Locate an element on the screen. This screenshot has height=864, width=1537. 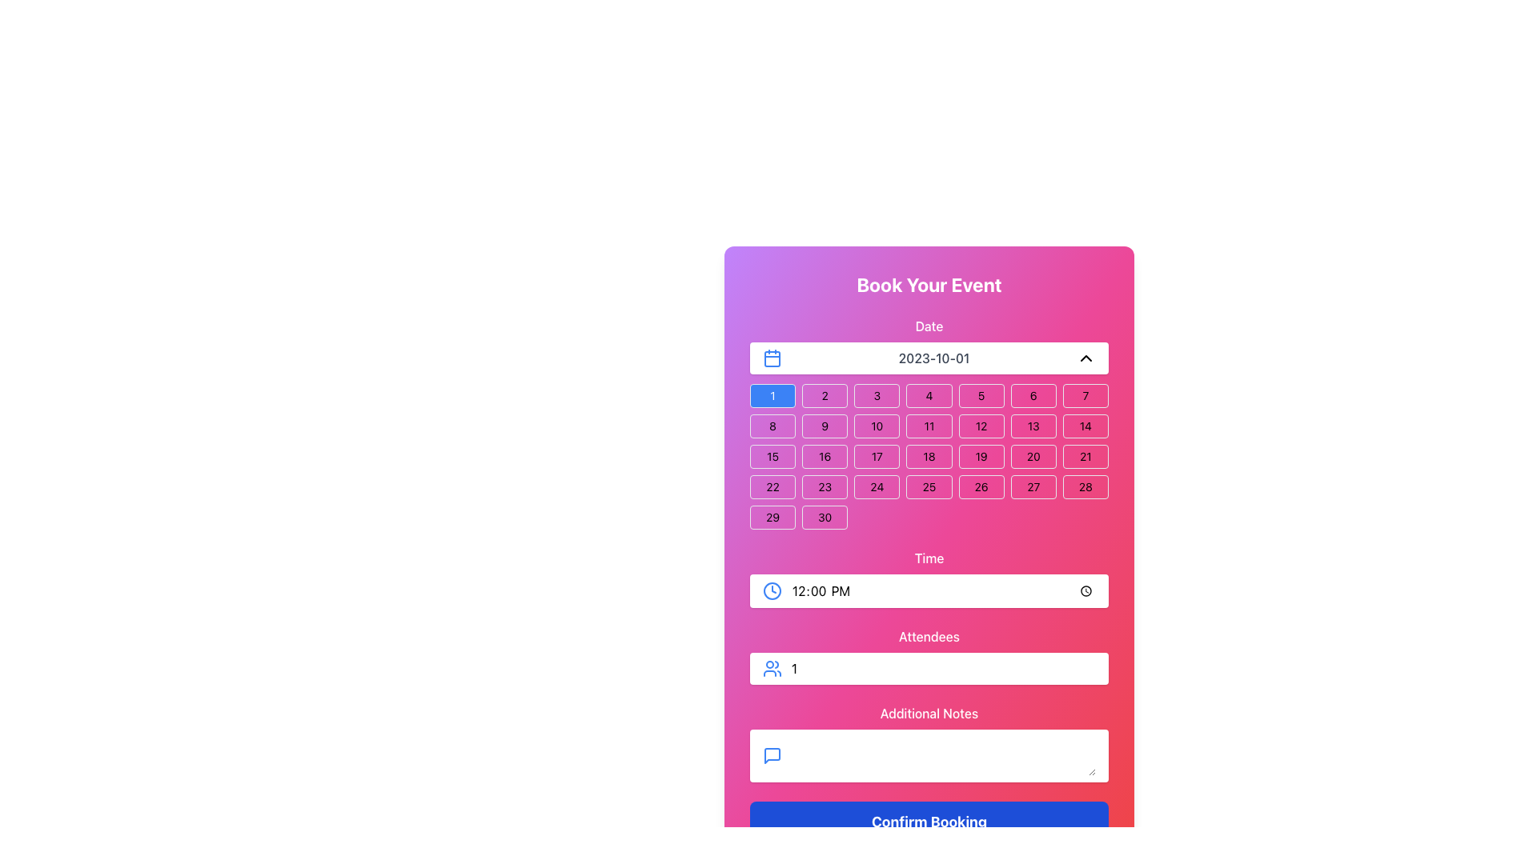
the clock icon representing the time functionality, which is positioned at the start of the 'Time' section in the interface is located at coordinates (772, 591).